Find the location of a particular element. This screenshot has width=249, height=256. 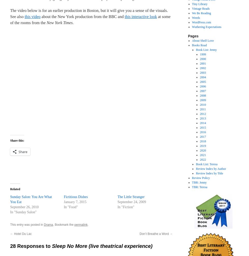

'2002' is located at coordinates (203, 68).